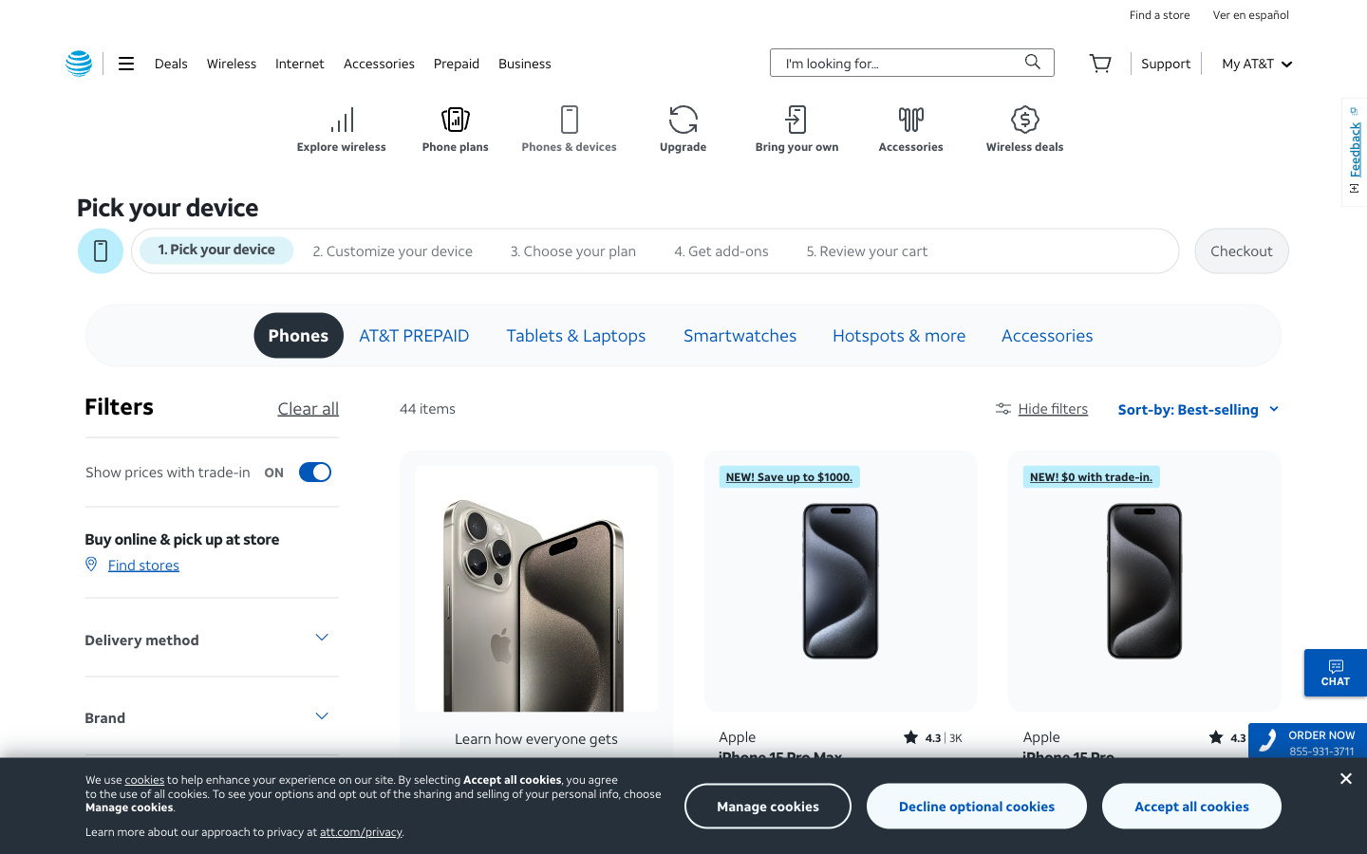 The width and height of the screenshot is (1367, 854). I want to click on the button, so click(1025, 129).